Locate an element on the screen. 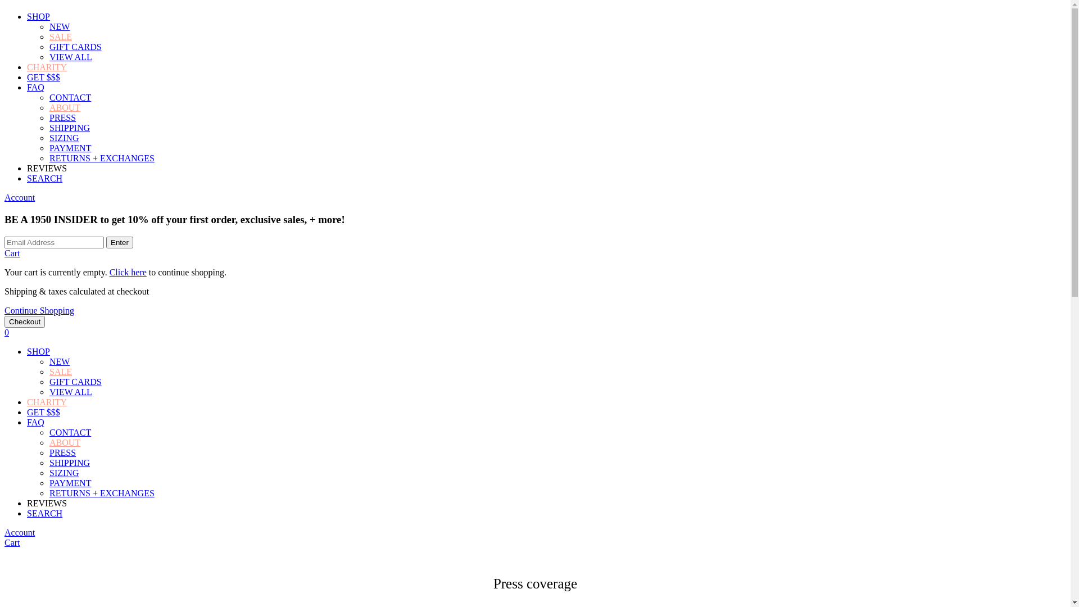 The width and height of the screenshot is (1079, 607). 'Enter' is located at coordinates (119, 242).